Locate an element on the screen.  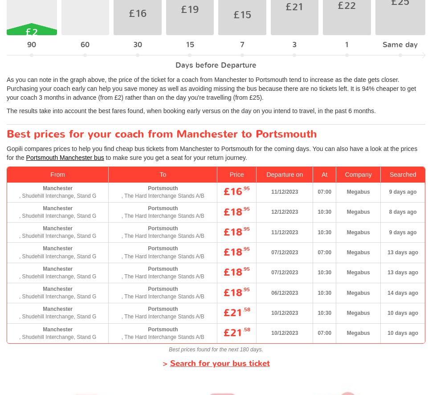
'The results take into account the best fares found, when booking early versus on the day on you intend to travel, in the past 6 months.' is located at coordinates (191, 110).